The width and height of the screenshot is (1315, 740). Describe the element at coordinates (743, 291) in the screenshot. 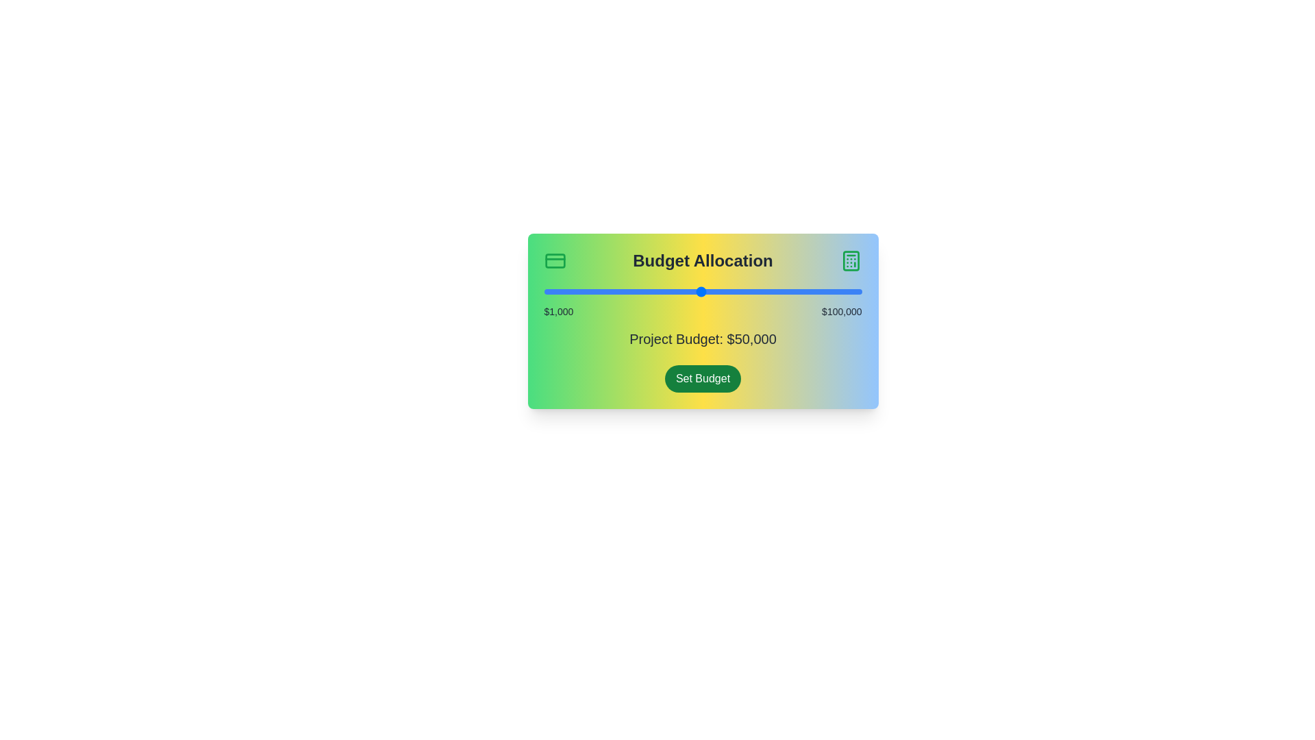

I see `the budget slider to set the budget to 63354` at that location.